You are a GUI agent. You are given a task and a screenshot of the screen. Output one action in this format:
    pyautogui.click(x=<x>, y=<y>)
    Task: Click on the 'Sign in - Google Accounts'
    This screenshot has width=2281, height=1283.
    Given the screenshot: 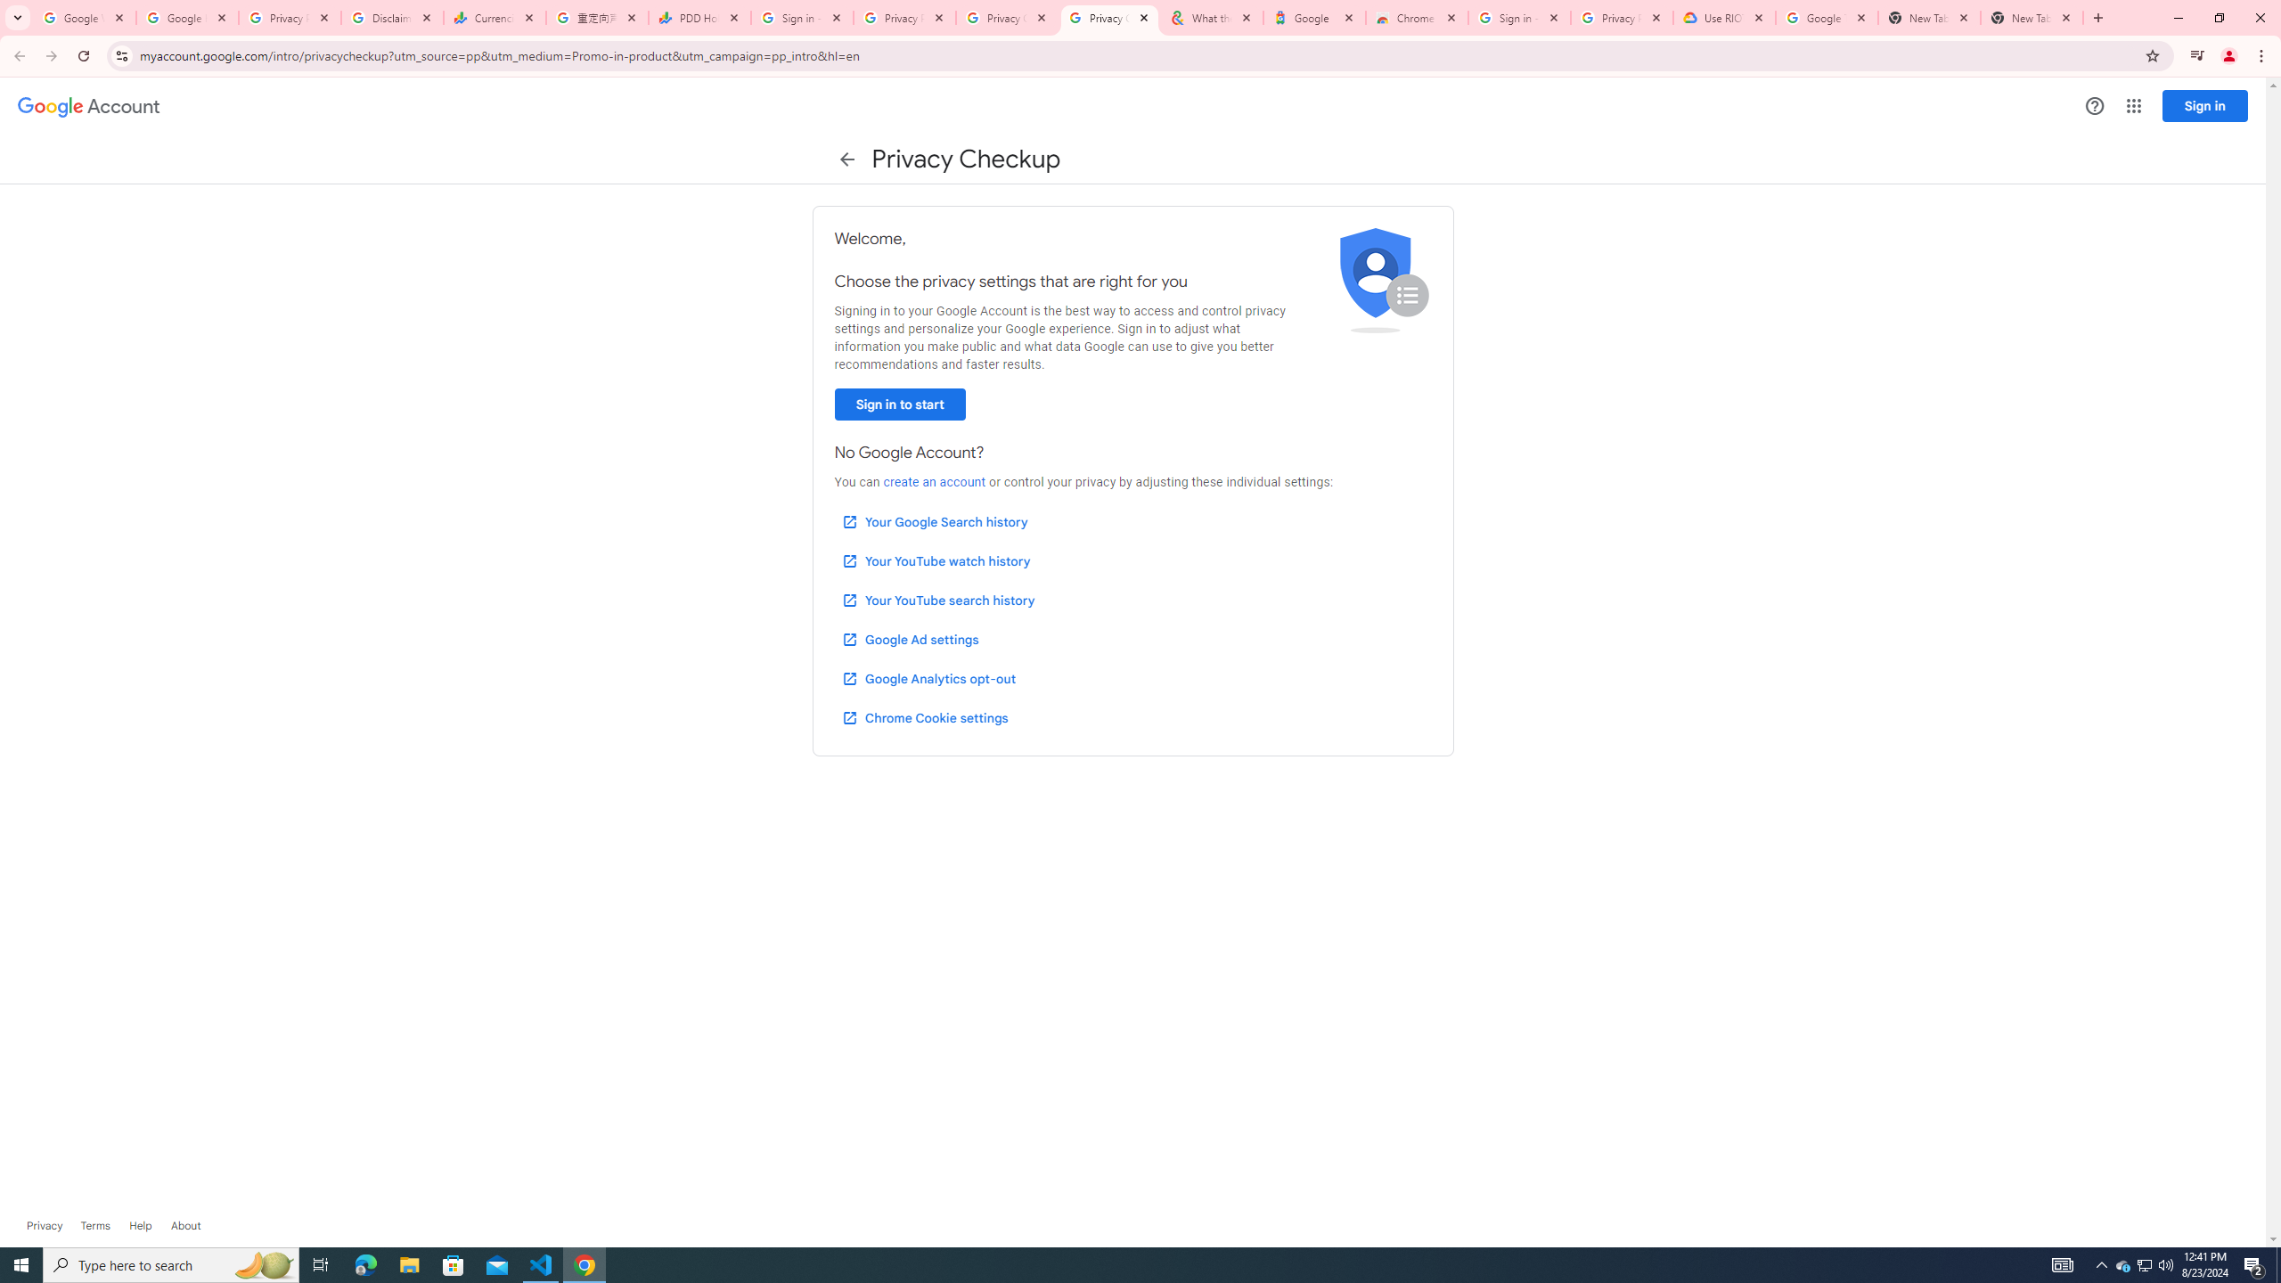 What is the action you would take?
    pyautogui.click(x=1517, y=17)
    